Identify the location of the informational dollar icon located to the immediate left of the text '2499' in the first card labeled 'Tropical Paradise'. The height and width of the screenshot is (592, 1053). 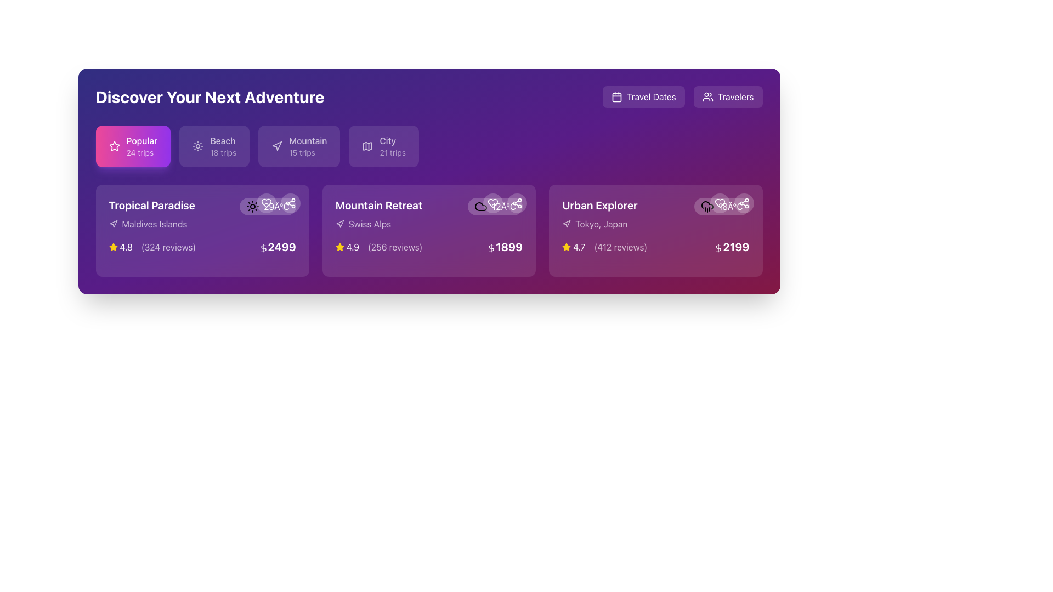
(263, 248).